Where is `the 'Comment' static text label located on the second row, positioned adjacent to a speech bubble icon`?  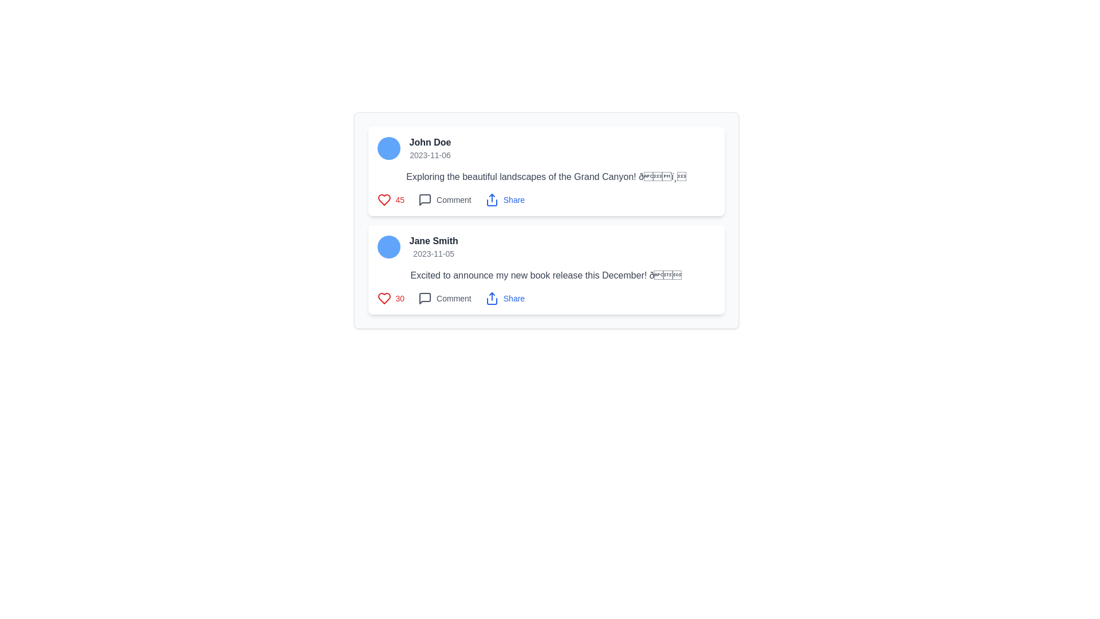 the 'Comment' static text label located on the second row, positioned adjacent to a speech bubble icon is located at coordinates (453, 199).